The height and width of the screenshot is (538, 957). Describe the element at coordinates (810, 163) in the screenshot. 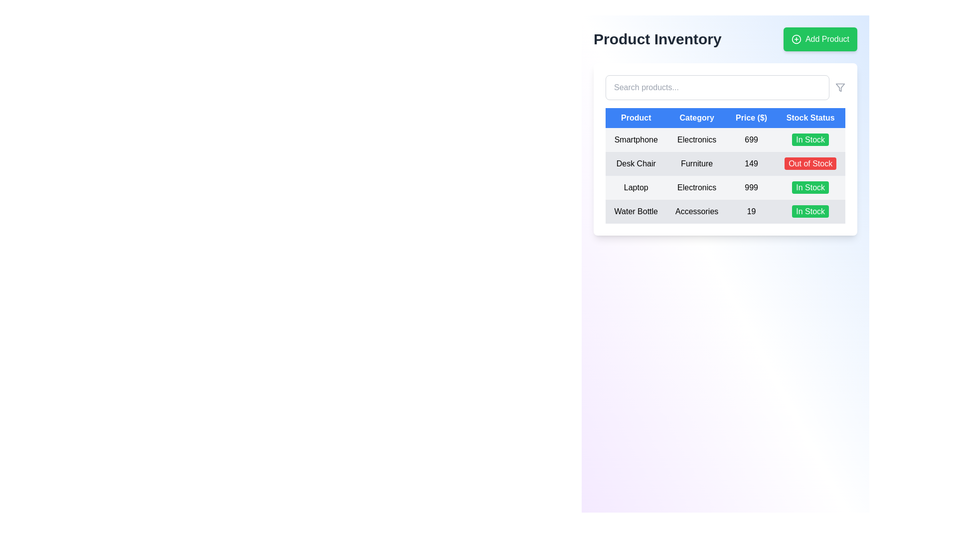

I see `the stock status indicator for the product 'Desk Chair' in the second row of the 'Stock Status' column, which indicates that the product is currently unavailable` at that location.